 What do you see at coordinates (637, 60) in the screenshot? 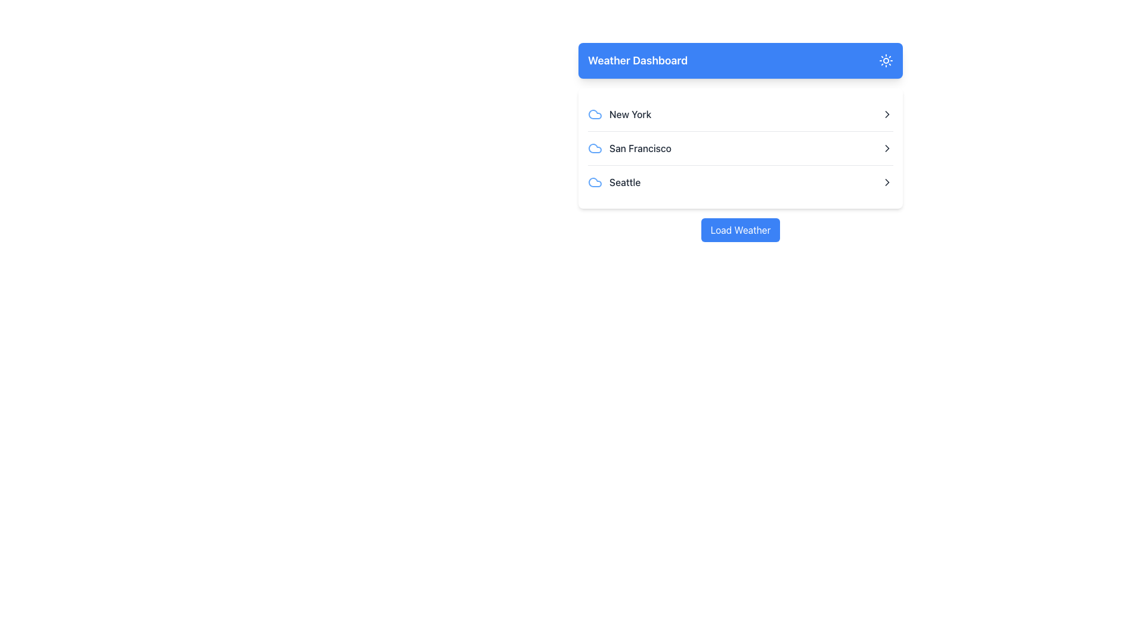
I see `the Text Label that serves as a title for the weather dashboard interface, located at the left side of the blue header bar, next to the sun icon` at bounding box center [637, 60].